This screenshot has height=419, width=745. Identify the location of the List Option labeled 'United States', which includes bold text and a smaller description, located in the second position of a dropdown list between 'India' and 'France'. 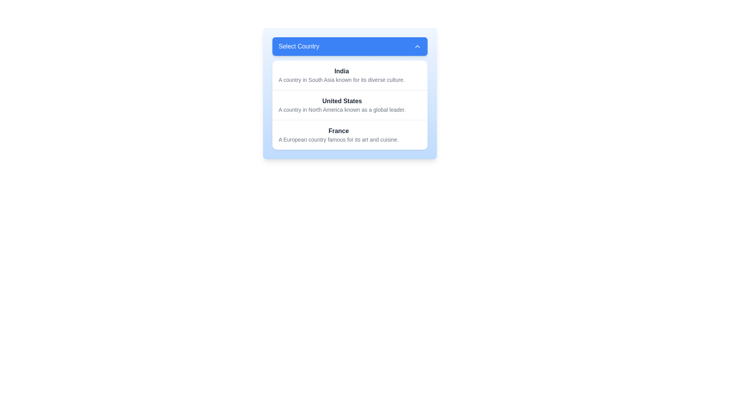
(341, 105).